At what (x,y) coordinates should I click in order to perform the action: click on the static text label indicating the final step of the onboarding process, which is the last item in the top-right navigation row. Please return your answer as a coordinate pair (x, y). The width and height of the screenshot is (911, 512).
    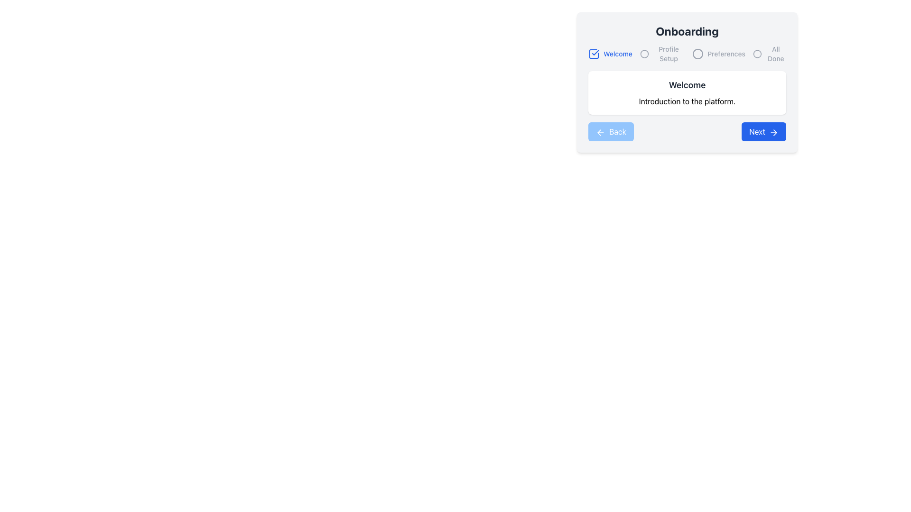
    Looking at the image, I should click on (776, 54).